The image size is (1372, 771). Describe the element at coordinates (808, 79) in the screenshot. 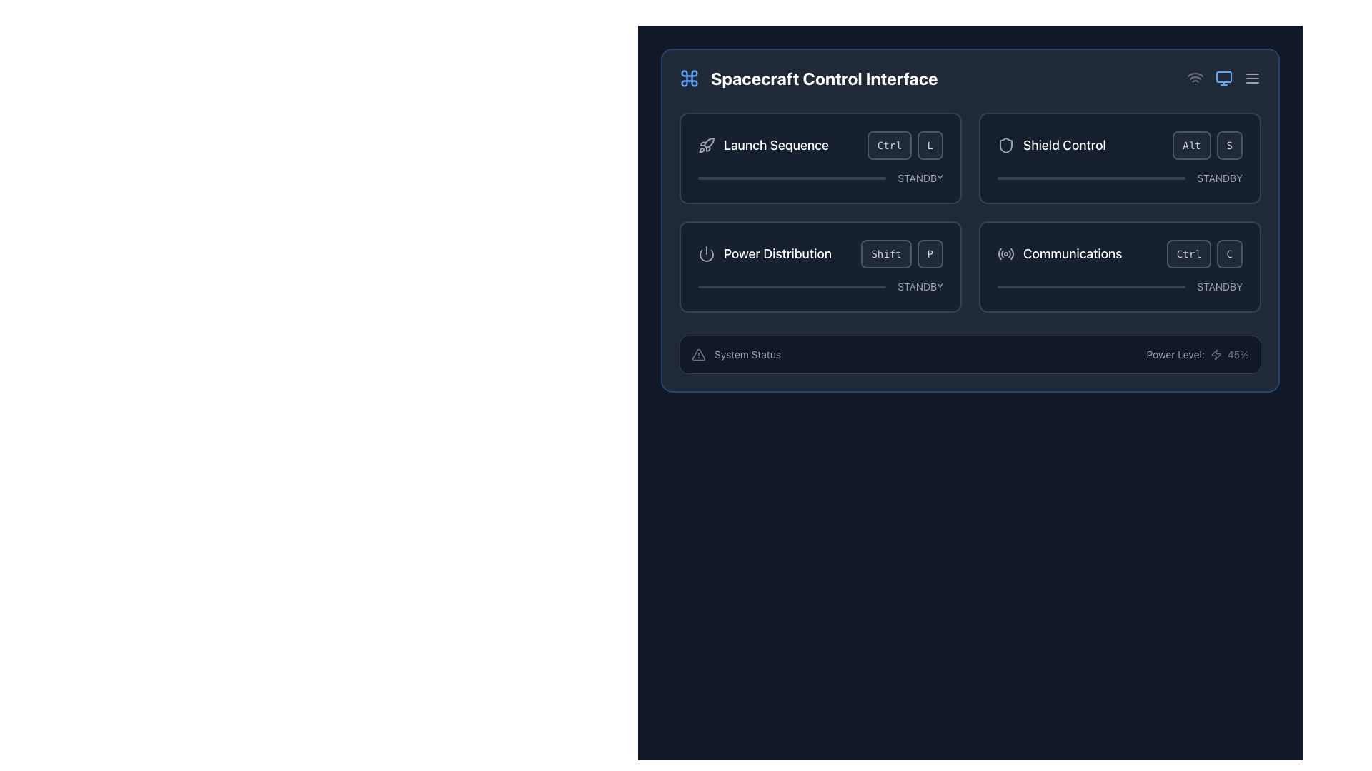

I see `title text of the spacecraft control dashboard located at the top left corner of the interface panel, adjacent to several icons including WiFi and monitor symbols` at that location.